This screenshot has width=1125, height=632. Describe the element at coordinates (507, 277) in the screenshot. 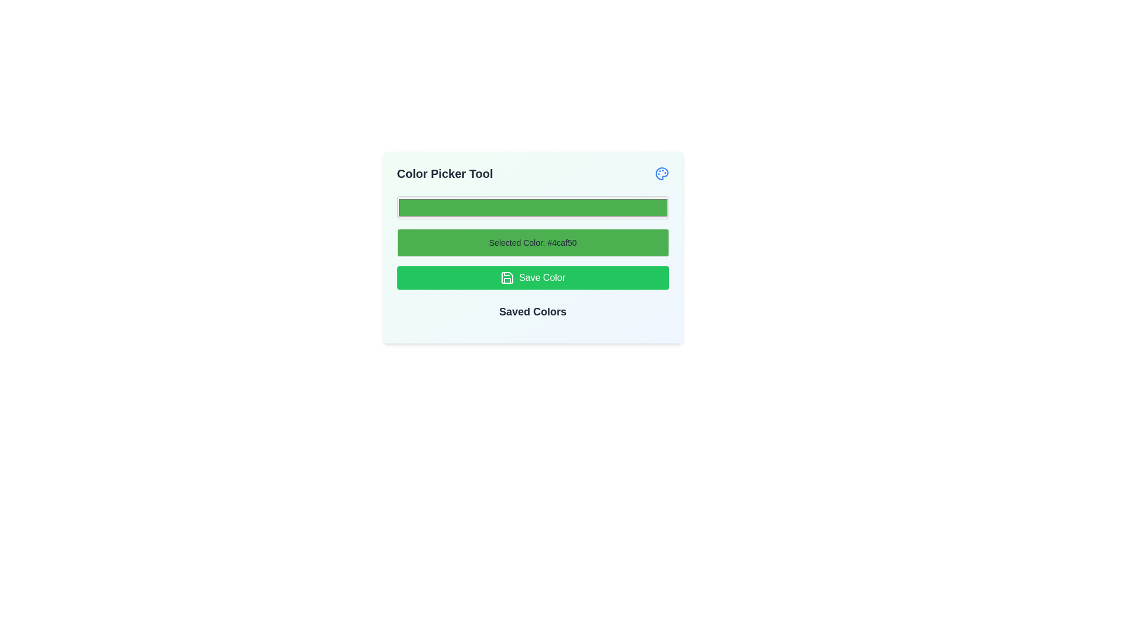

I see `the save action icon located to the left of the 'Save Color' text within the green rounded button` at that location.